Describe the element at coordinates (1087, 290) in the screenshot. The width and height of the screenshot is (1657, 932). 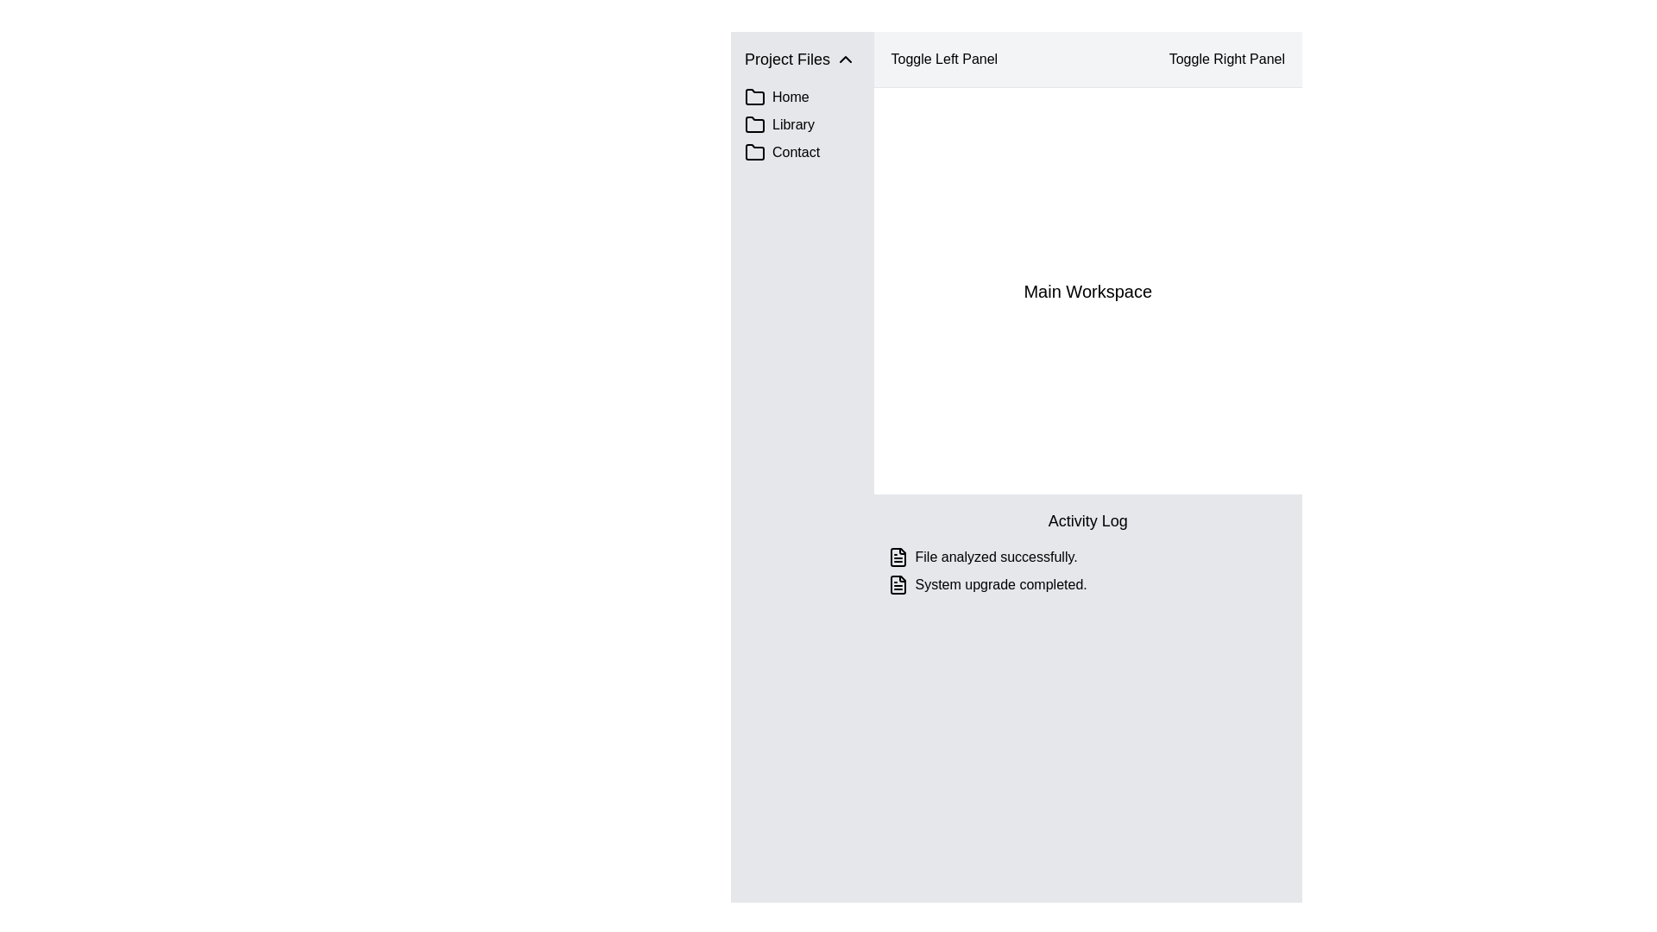
I see `on the 'Main Workspace' section, which is centered in the user interface and features prominently displayed text in a large and bold font` at that location.